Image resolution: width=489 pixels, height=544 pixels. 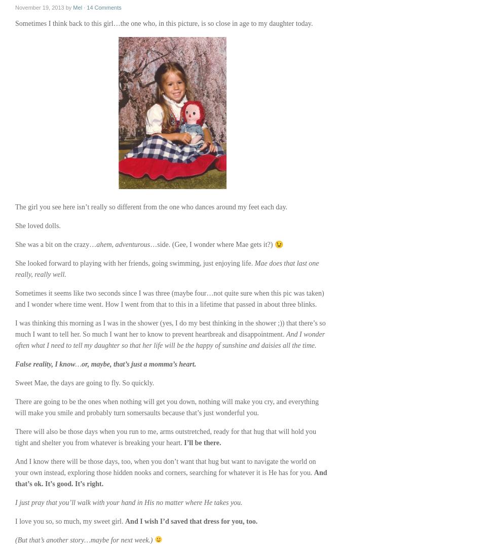 I want to click on 'I love you so, so much, my sweet girl.', so click(x=69, y=521).